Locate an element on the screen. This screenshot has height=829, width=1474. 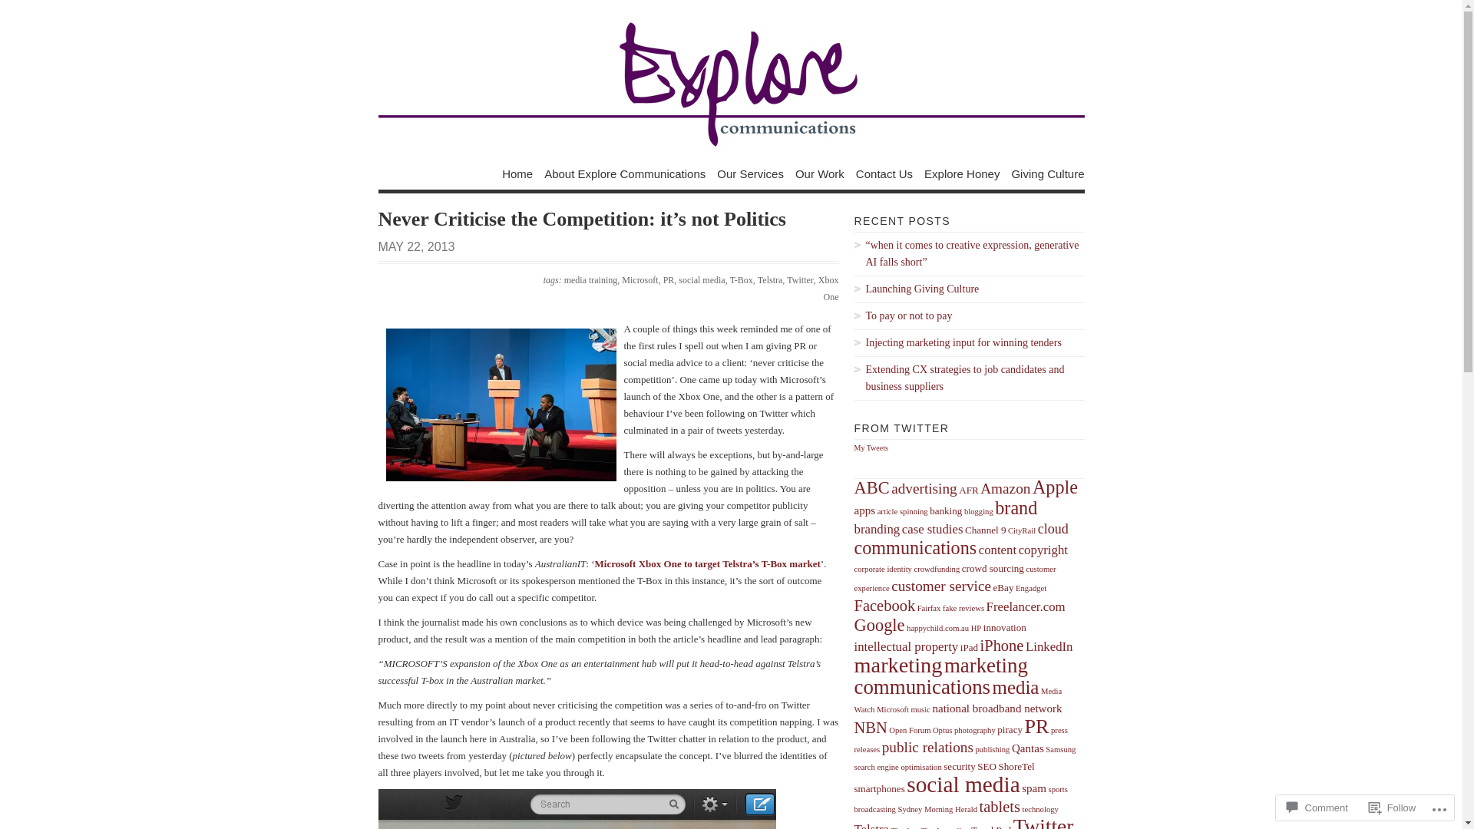
'media' is located at coordinates (1016, 686).